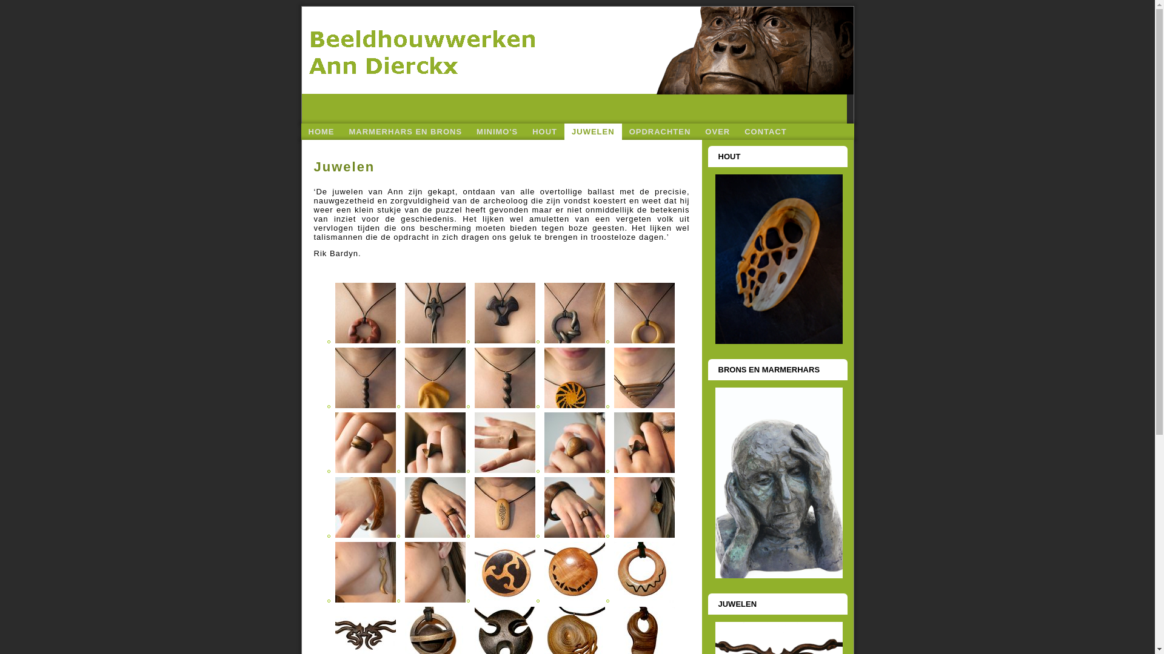 Image resolution: width=1164 pixels, height=654 pixels. Describe the element at coordinates (660, 131) in the screenshot. I see `'OPDRACHTEN'` at that location.